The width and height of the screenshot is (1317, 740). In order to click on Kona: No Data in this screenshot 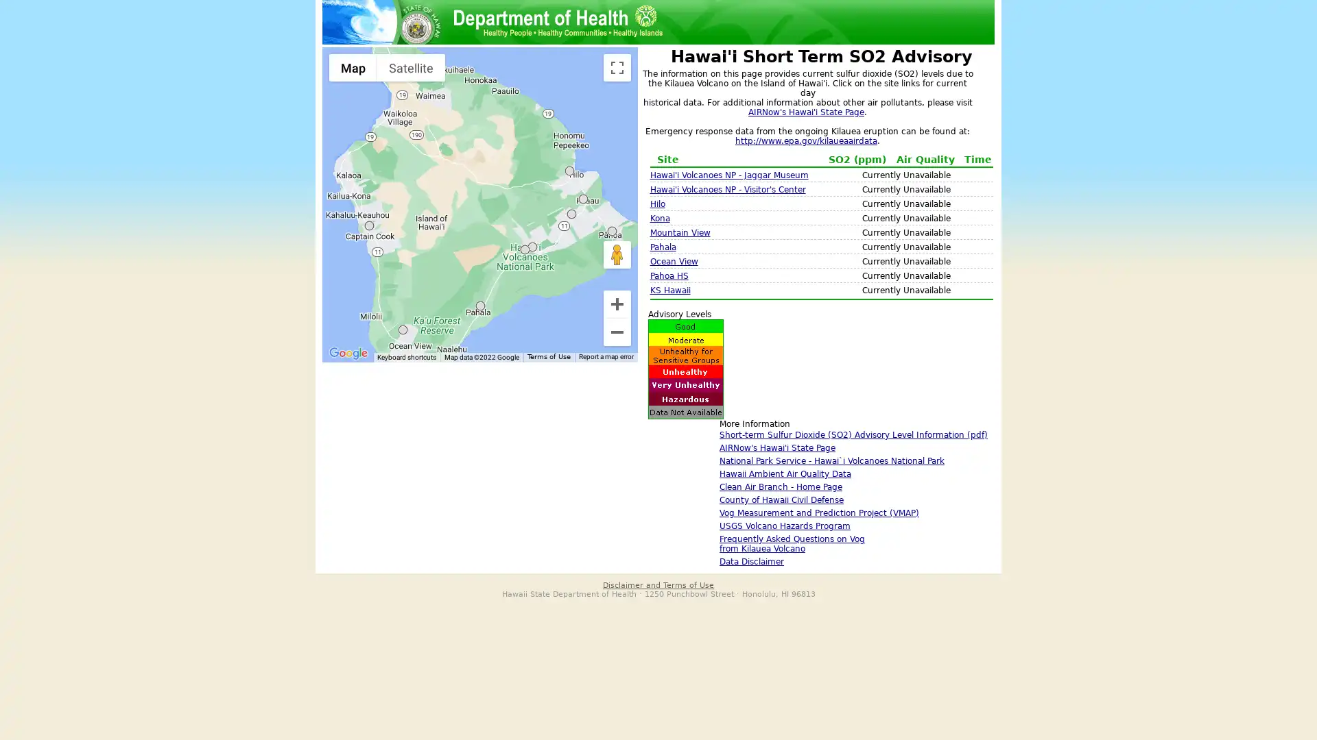, I will do `click(369, 225)`.